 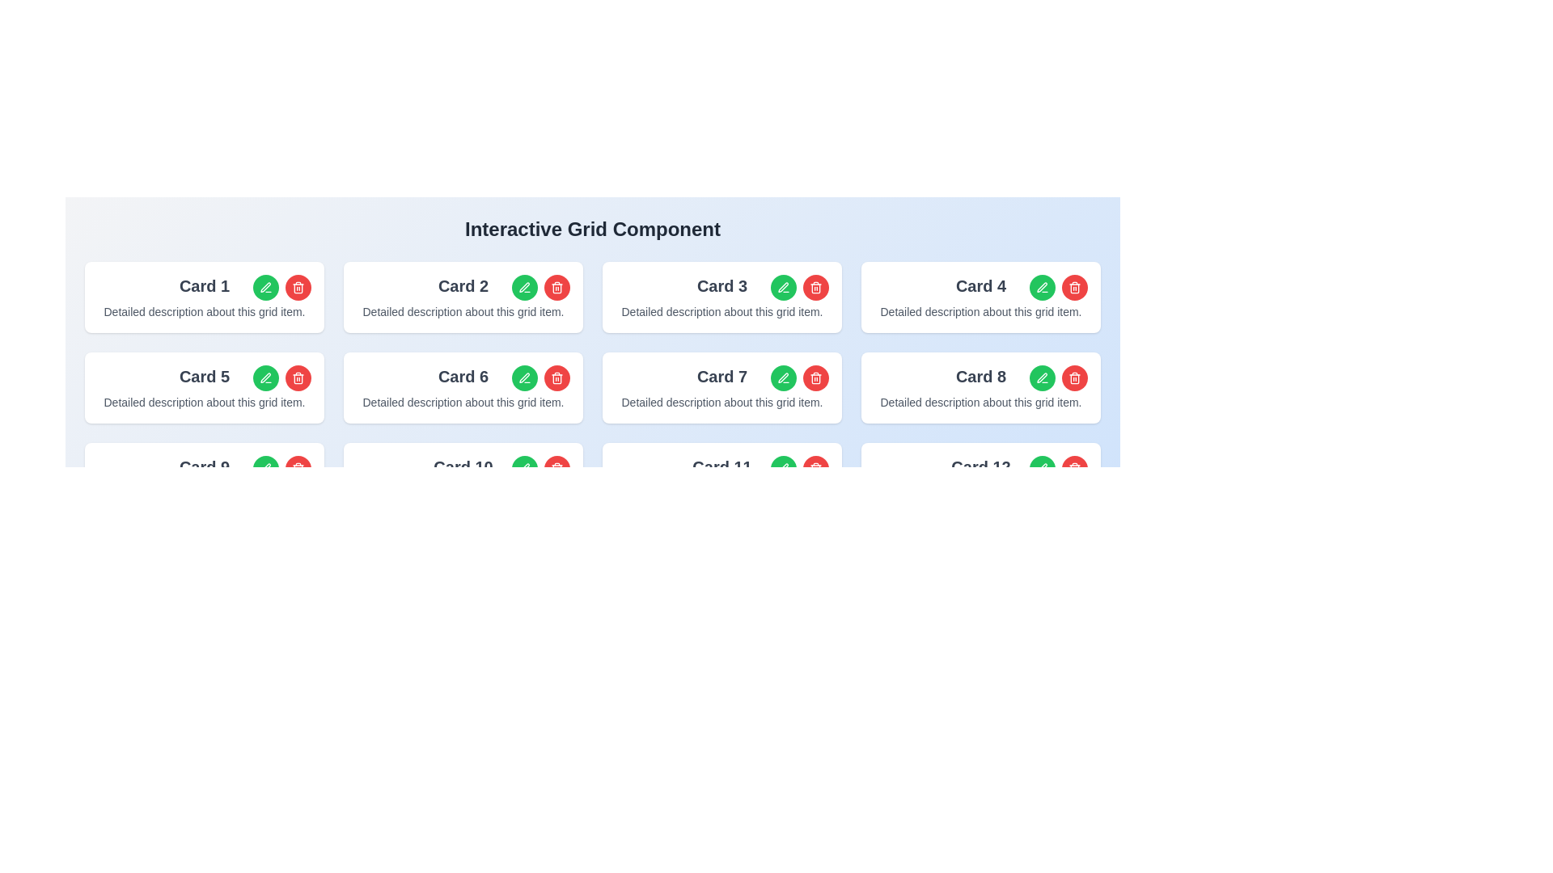 What do you see at coordinates (540, 377) in the screenshot?
I see `the red circular delete button with a trash can icon located in the top-right corner of 'Card 6'` at bounding box center [540, 377].